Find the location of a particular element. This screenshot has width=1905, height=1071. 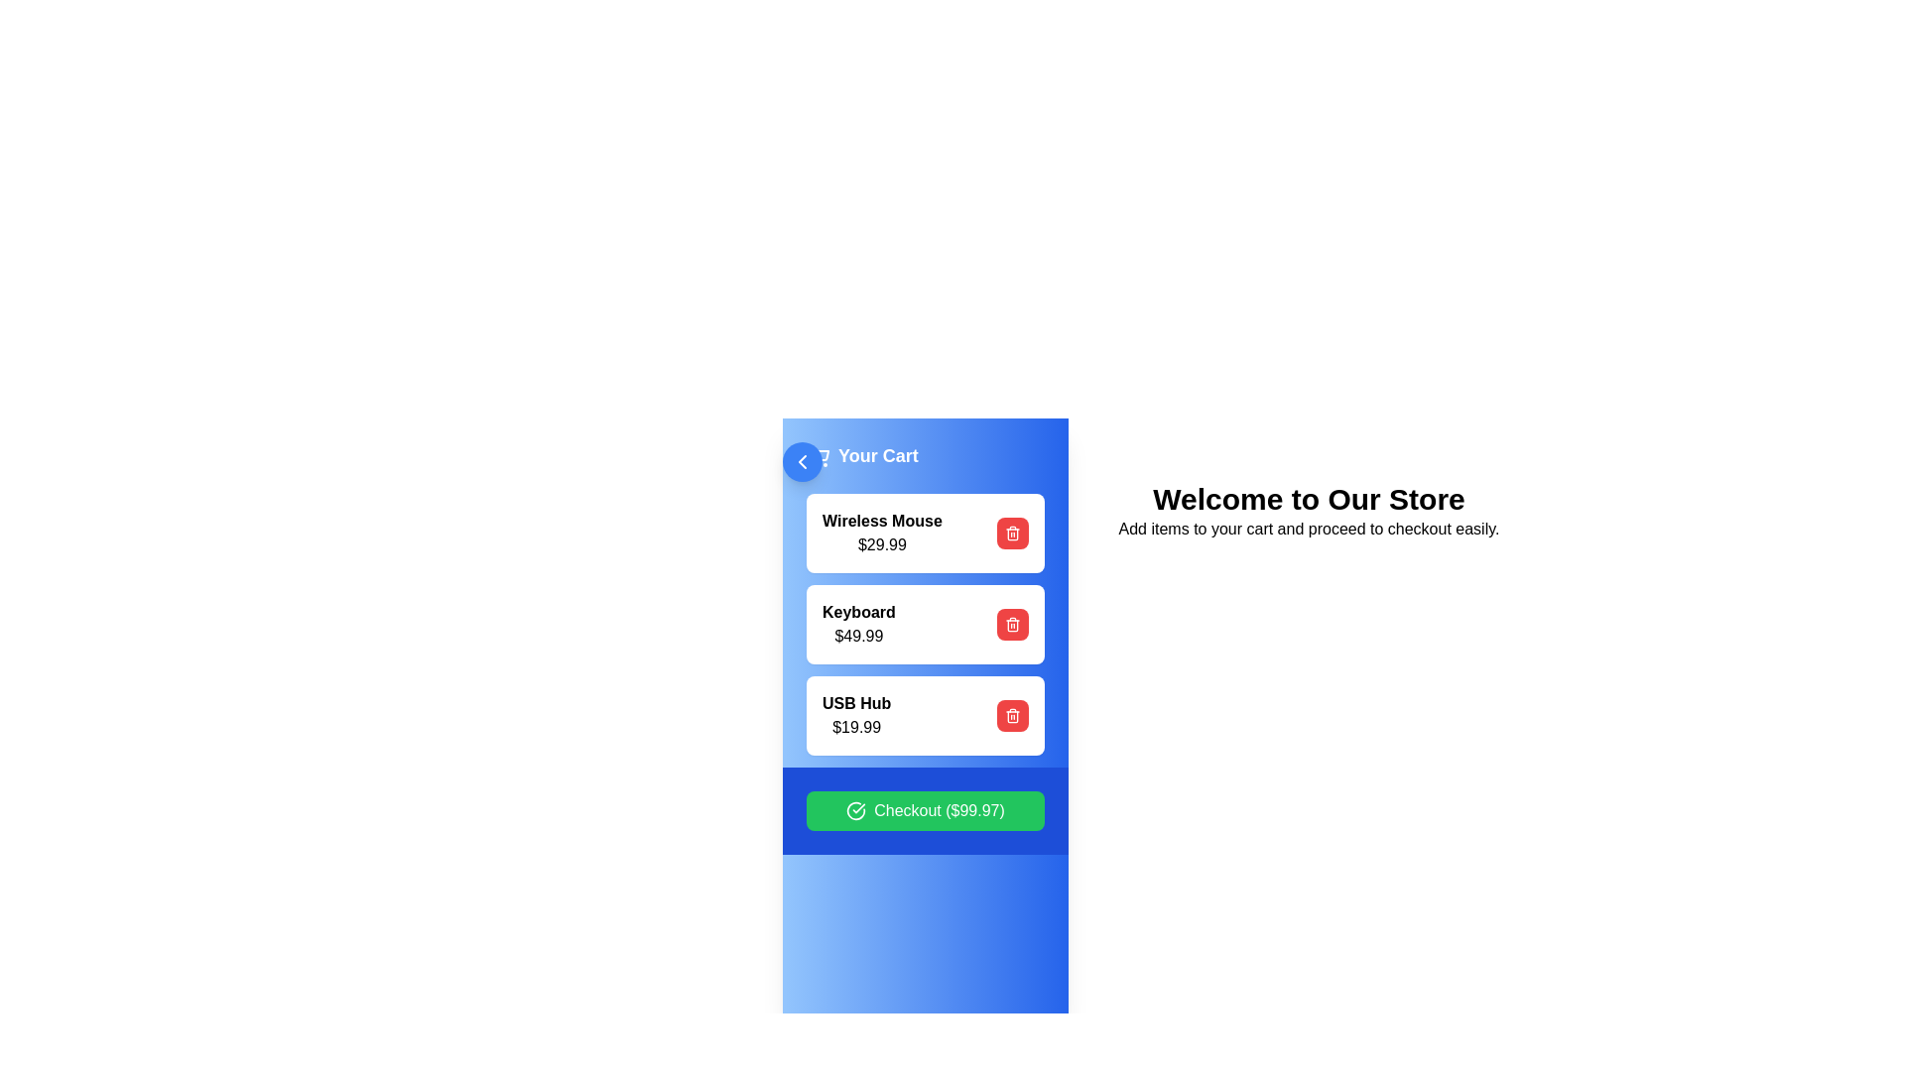

the delete button for the 'USB Hub' item in the shopping cart is located at coordinates (1013, 715).